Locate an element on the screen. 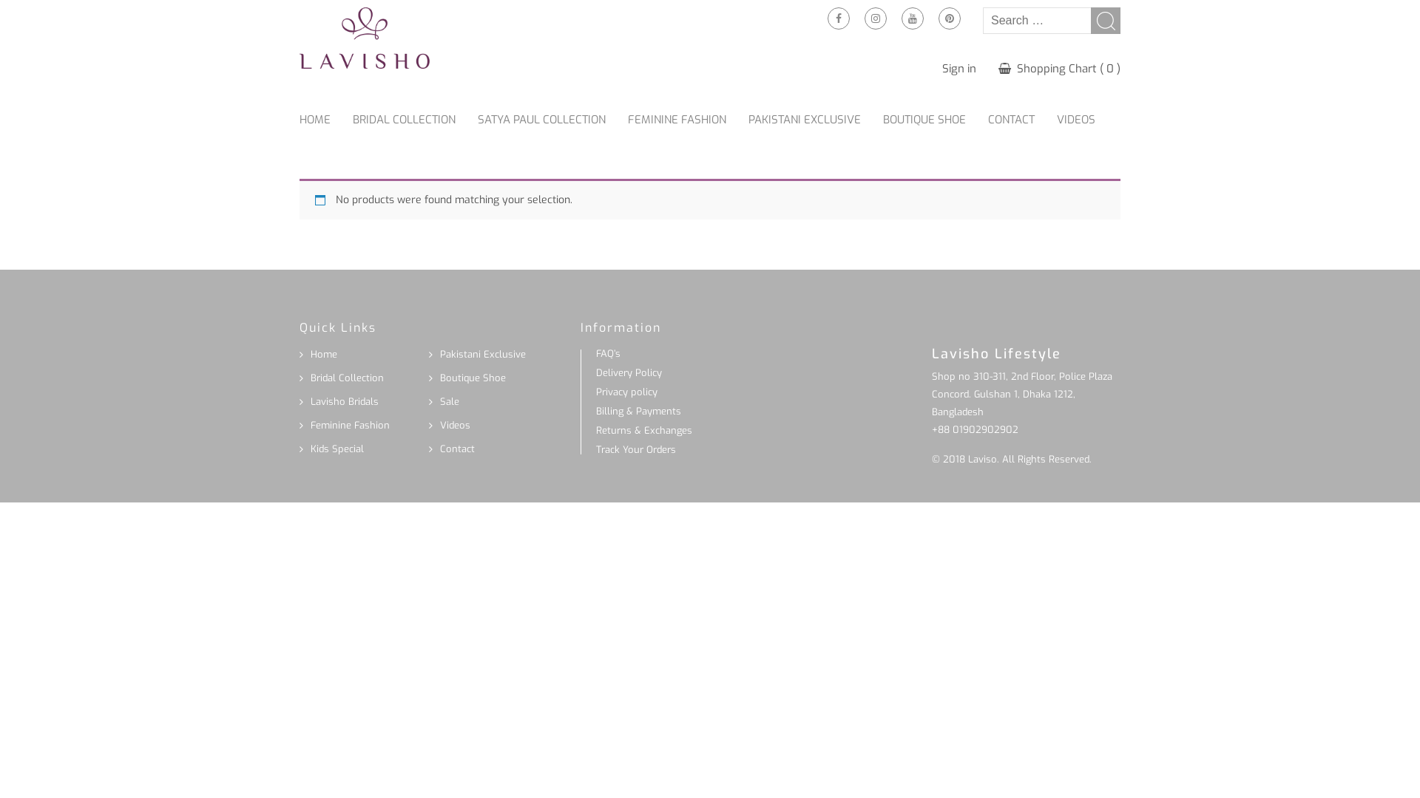 The image size is (1420, 798). 'BOUTIQUE SHOE' is located at coordinates (935, 119).